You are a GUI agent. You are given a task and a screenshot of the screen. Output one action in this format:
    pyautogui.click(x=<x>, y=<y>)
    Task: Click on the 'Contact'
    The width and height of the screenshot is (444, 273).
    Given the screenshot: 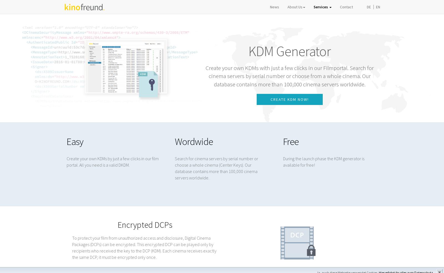 What is the action you would take?
    pyautogui.click(x=346, y=12)
    